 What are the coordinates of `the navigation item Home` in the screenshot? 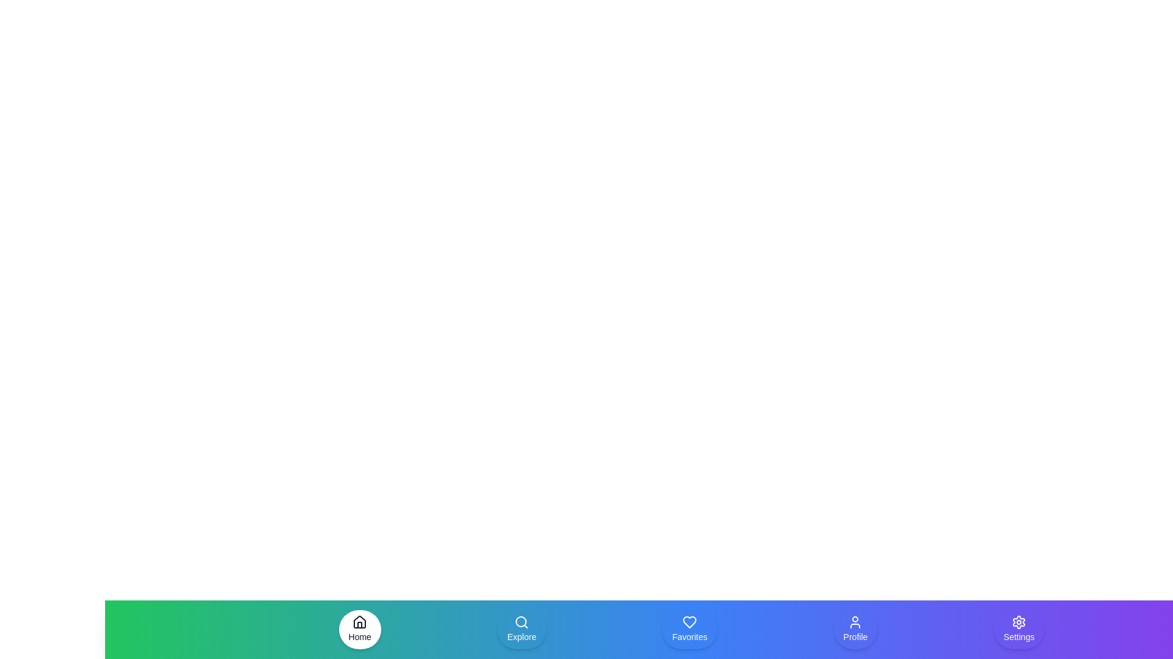 It's located at (359, 630).